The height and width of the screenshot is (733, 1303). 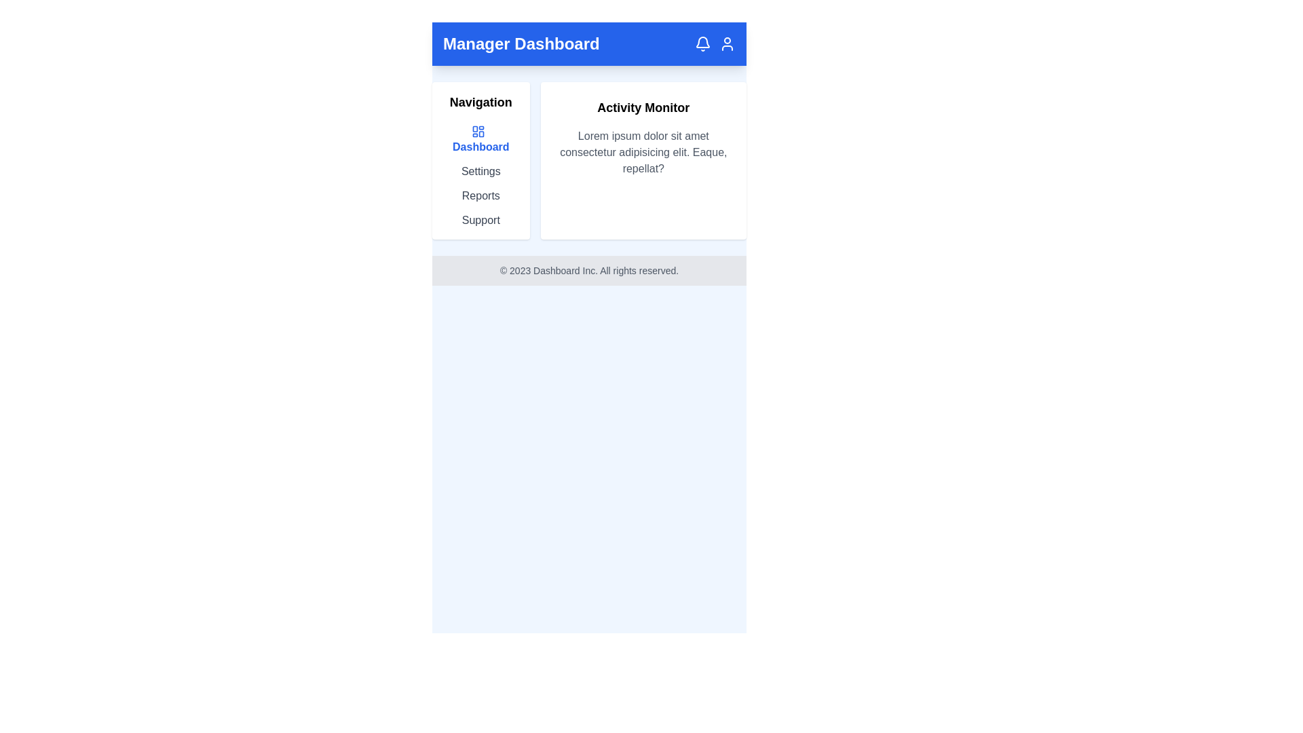 I want to click on the 'Dashboard' icon in the navigation menu, which is positioned to the left of the text label 'Dashboard', so click(x=478, y=131).